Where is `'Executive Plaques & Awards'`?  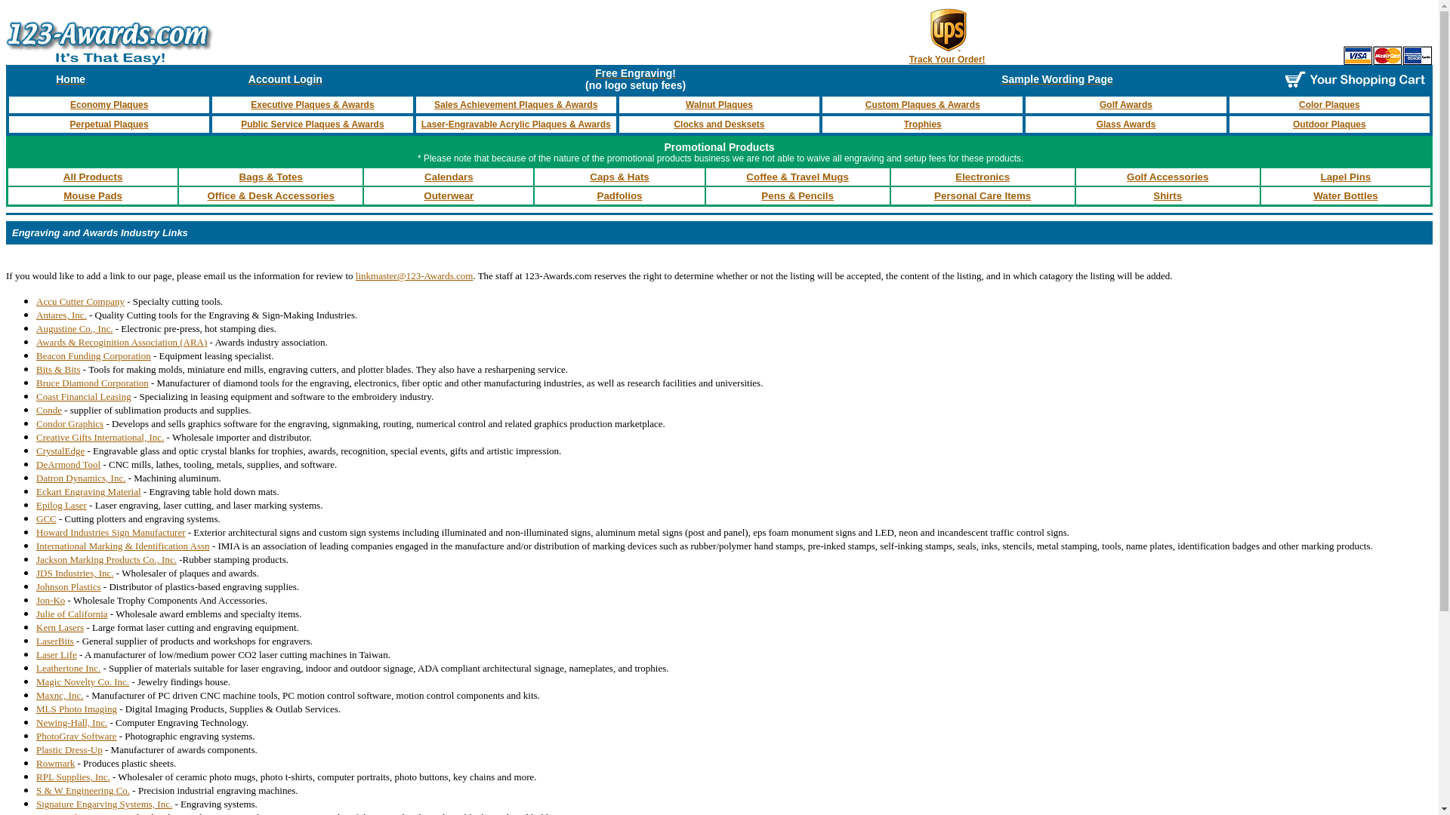
'Executive Plaques & Awards' is located at coordinates (311, 103).